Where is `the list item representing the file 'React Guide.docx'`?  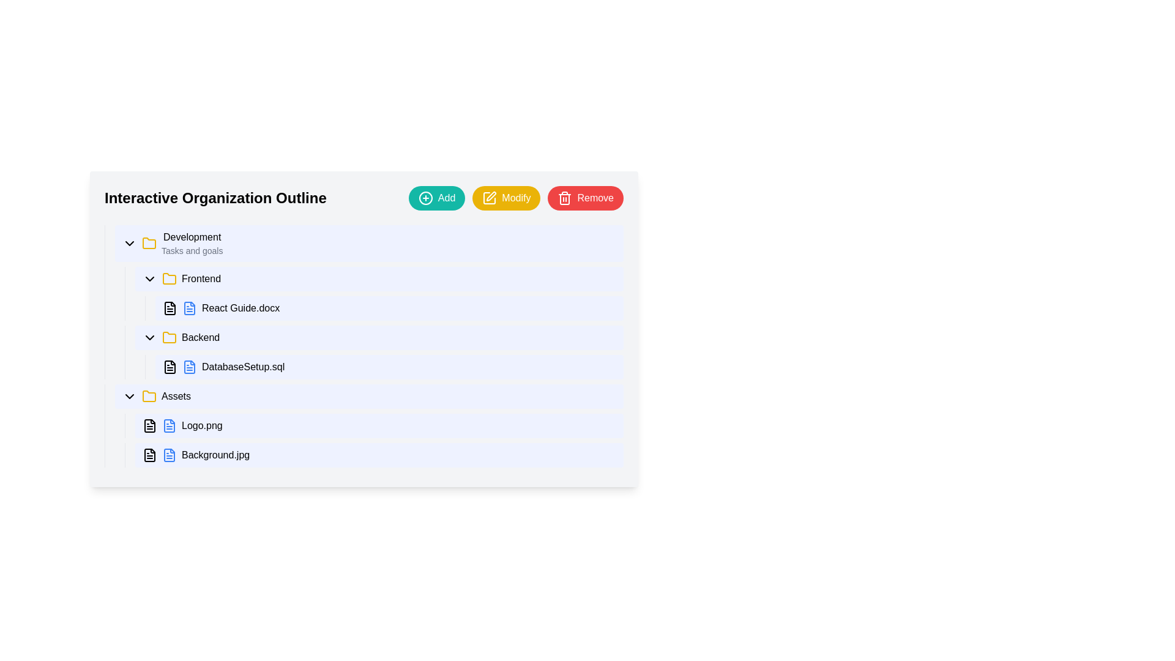 the list item representing the file 'React Guide.docx' is located at coordinates (378, 308).